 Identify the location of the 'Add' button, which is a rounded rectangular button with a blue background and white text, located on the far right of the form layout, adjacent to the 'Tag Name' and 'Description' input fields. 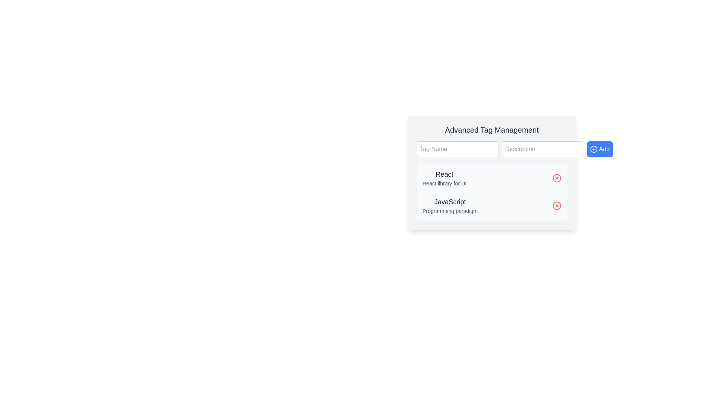
(599, 149).